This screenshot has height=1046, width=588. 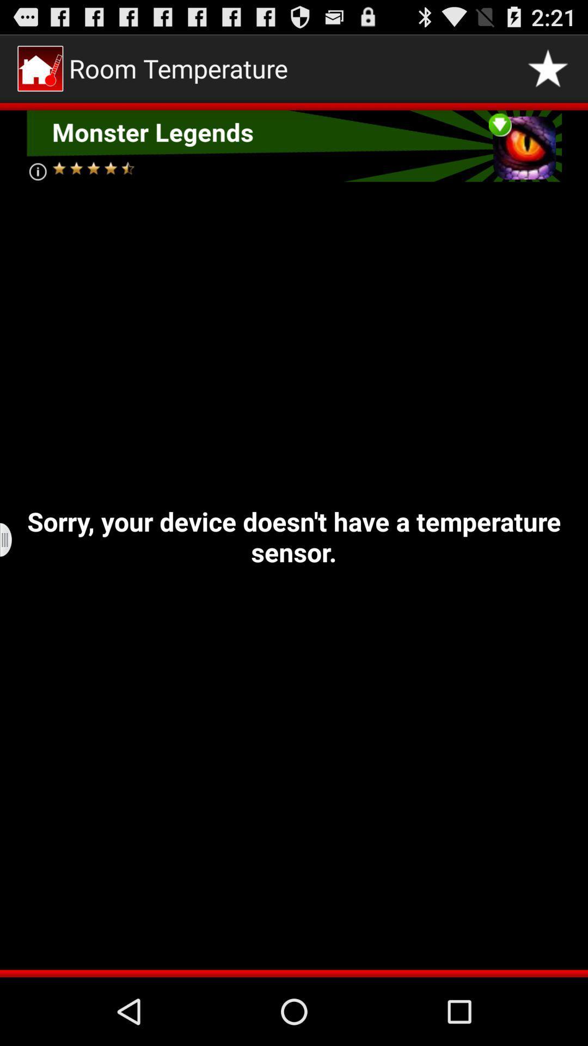 I want to click on the item on the left, so click(x=13, y=540).